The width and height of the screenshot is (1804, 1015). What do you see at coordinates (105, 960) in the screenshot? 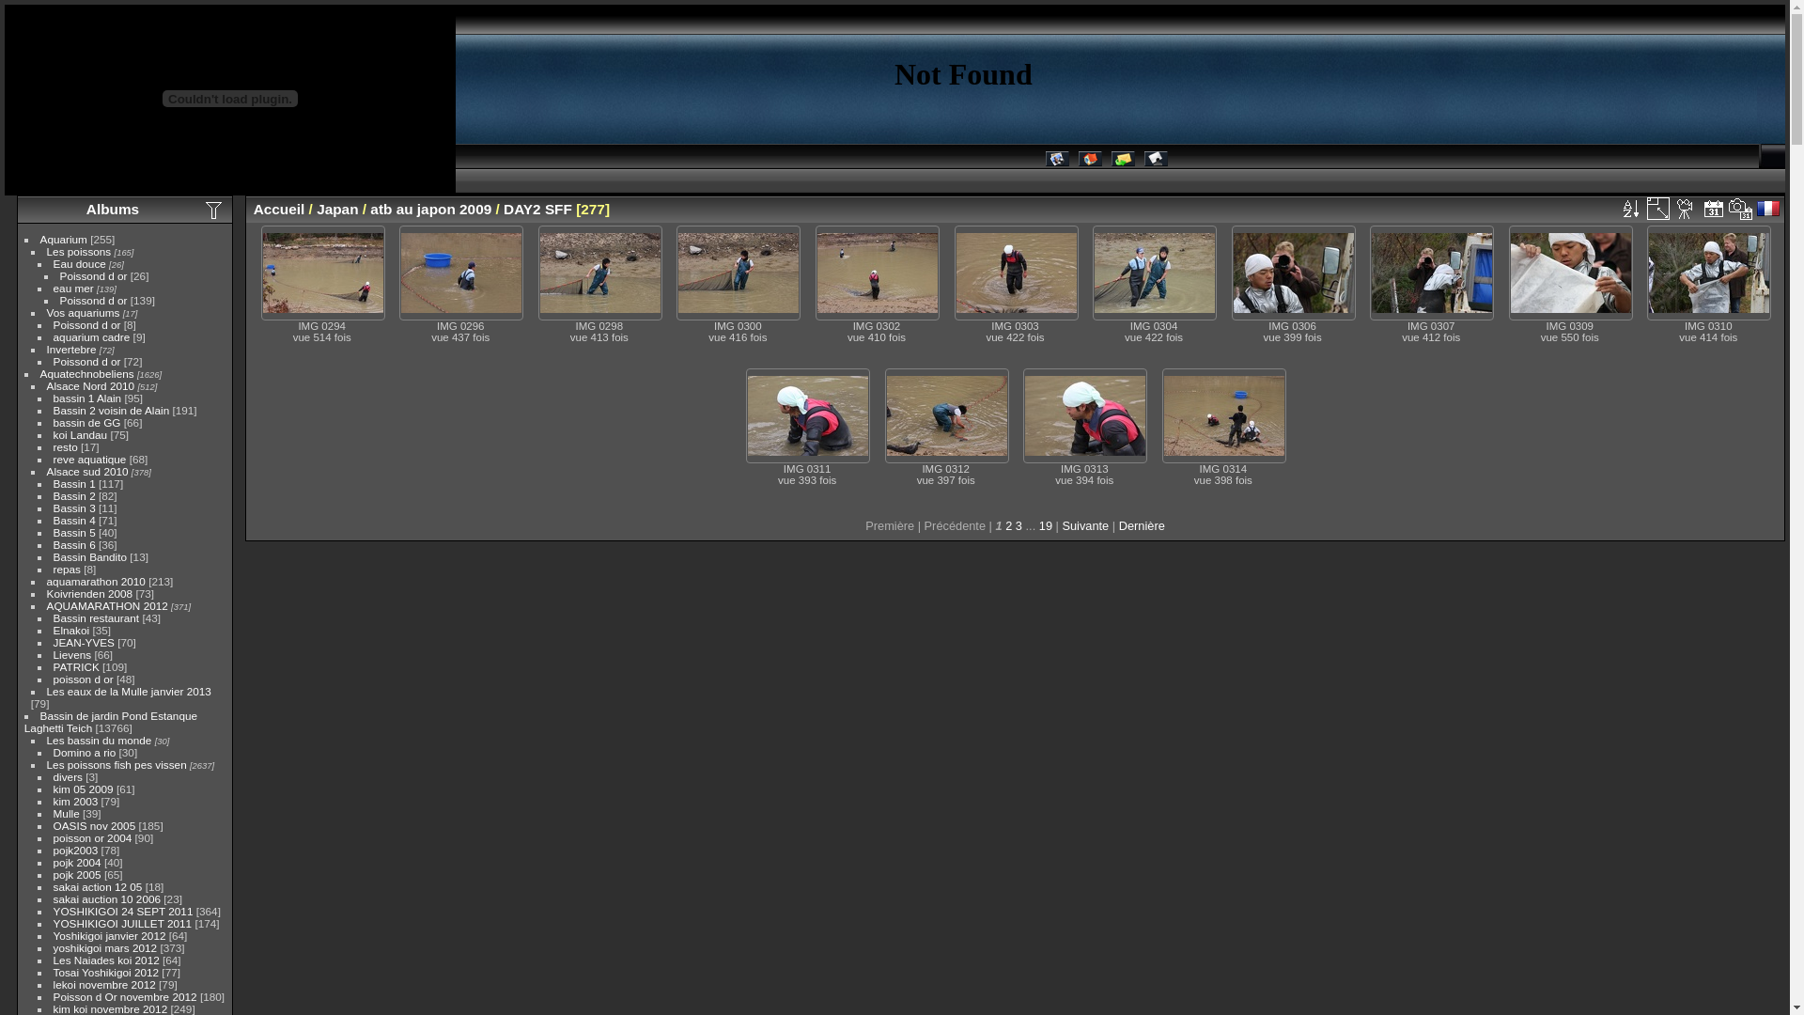
I see `'Les Naiades koi 2012'` at bounding box center [105, 960].